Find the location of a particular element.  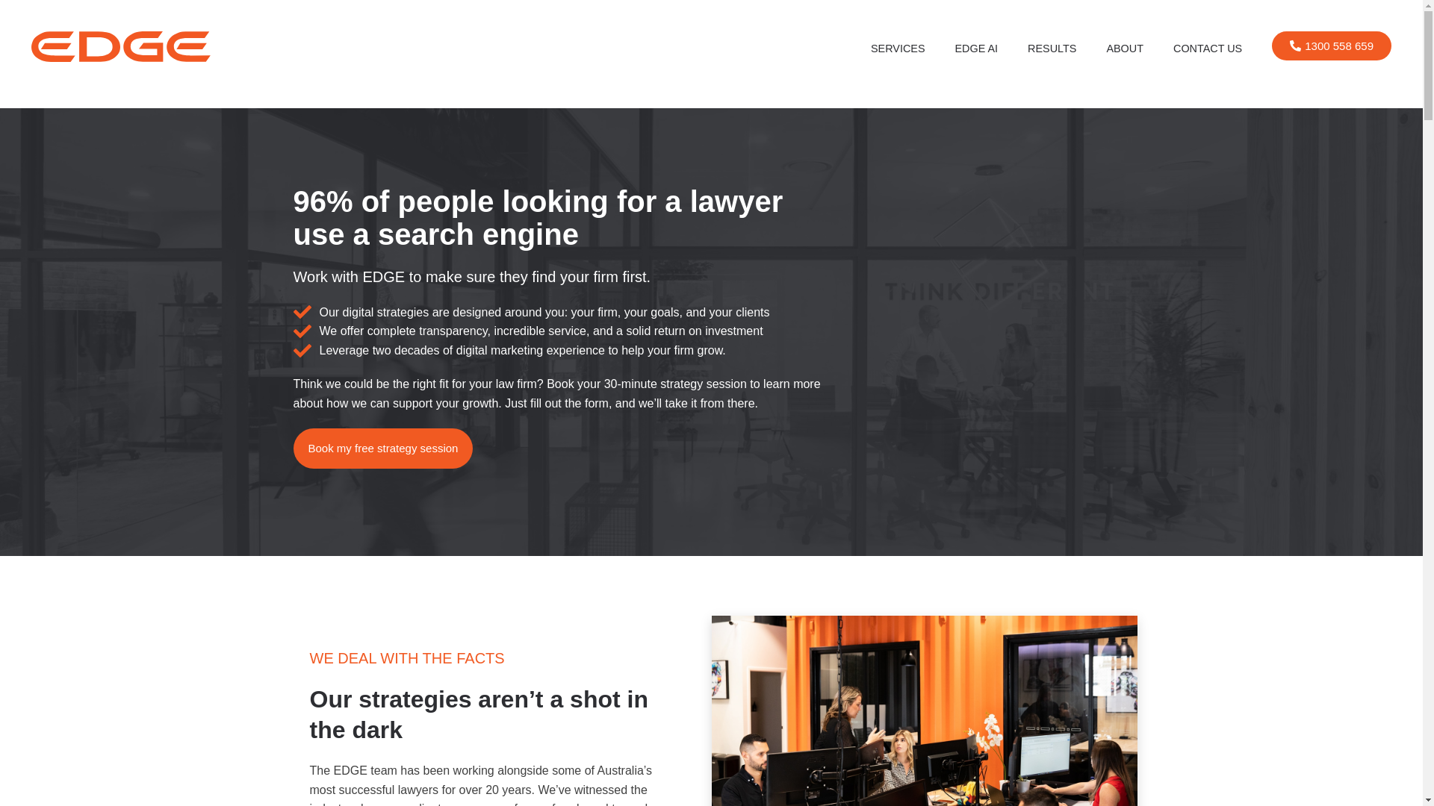

'Book my free strategy session' is located at coordinates (382, 448).